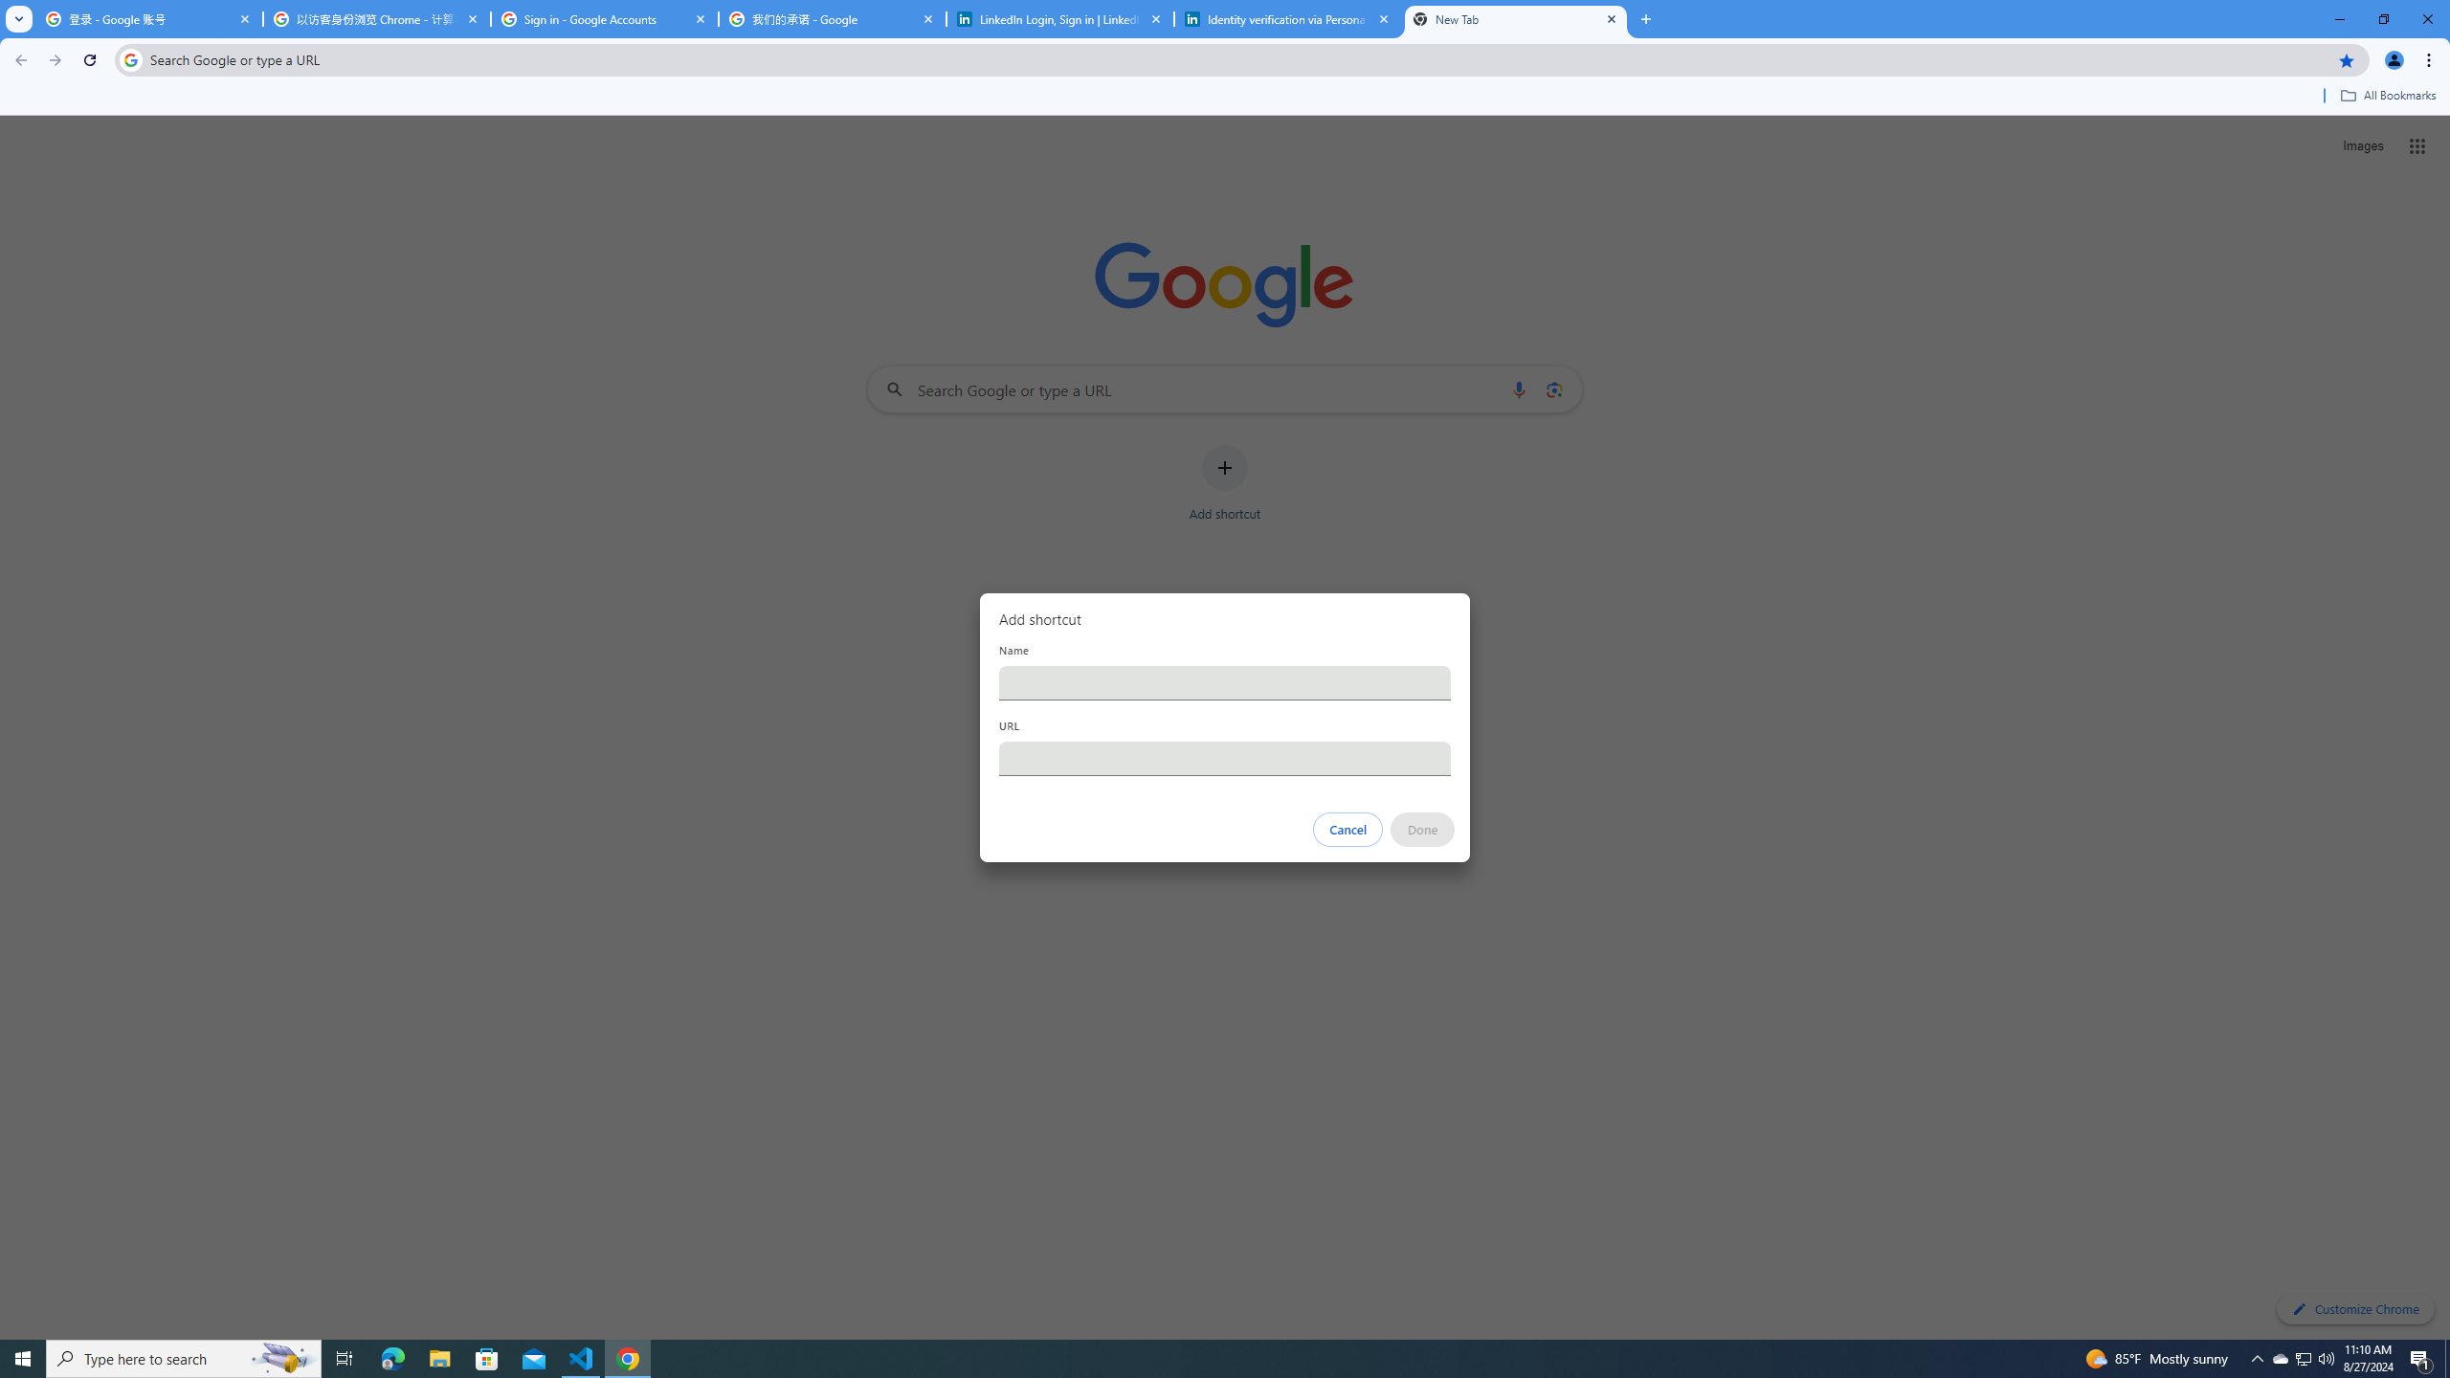 The width and height of the screenshot is (2450, 1378). What do you see at coordinates (1423, 829) in the screenshot?
I see `'Done'` at bounding box center [1423, 829].